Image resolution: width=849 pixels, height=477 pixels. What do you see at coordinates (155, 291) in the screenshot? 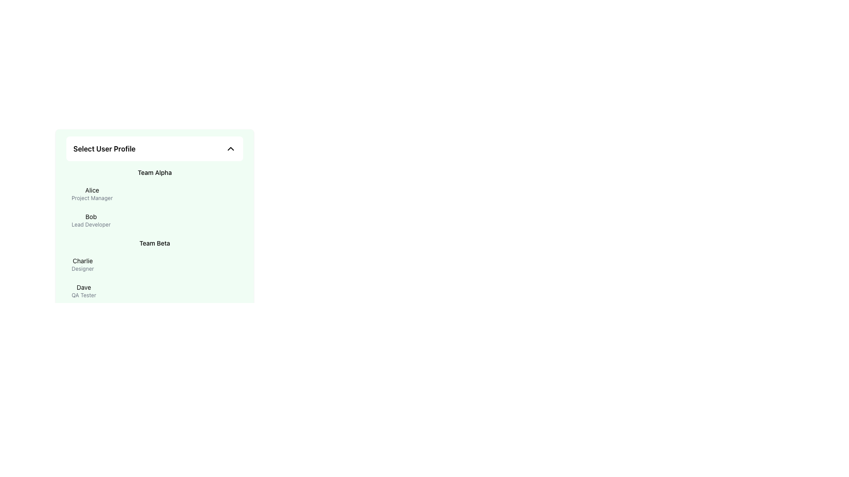
I see `the list item labeled 'Dave', which is a user profile entry under 'Charlie Designer'` at bounding box center [155, 291].